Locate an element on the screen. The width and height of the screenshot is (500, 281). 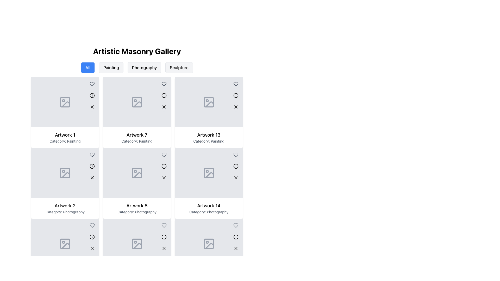
the close icon button (diagonal cross) located in the bottom right corner of the 'Artwork 14' card in the fourth card of the third column is located at coordinates (236, 248).